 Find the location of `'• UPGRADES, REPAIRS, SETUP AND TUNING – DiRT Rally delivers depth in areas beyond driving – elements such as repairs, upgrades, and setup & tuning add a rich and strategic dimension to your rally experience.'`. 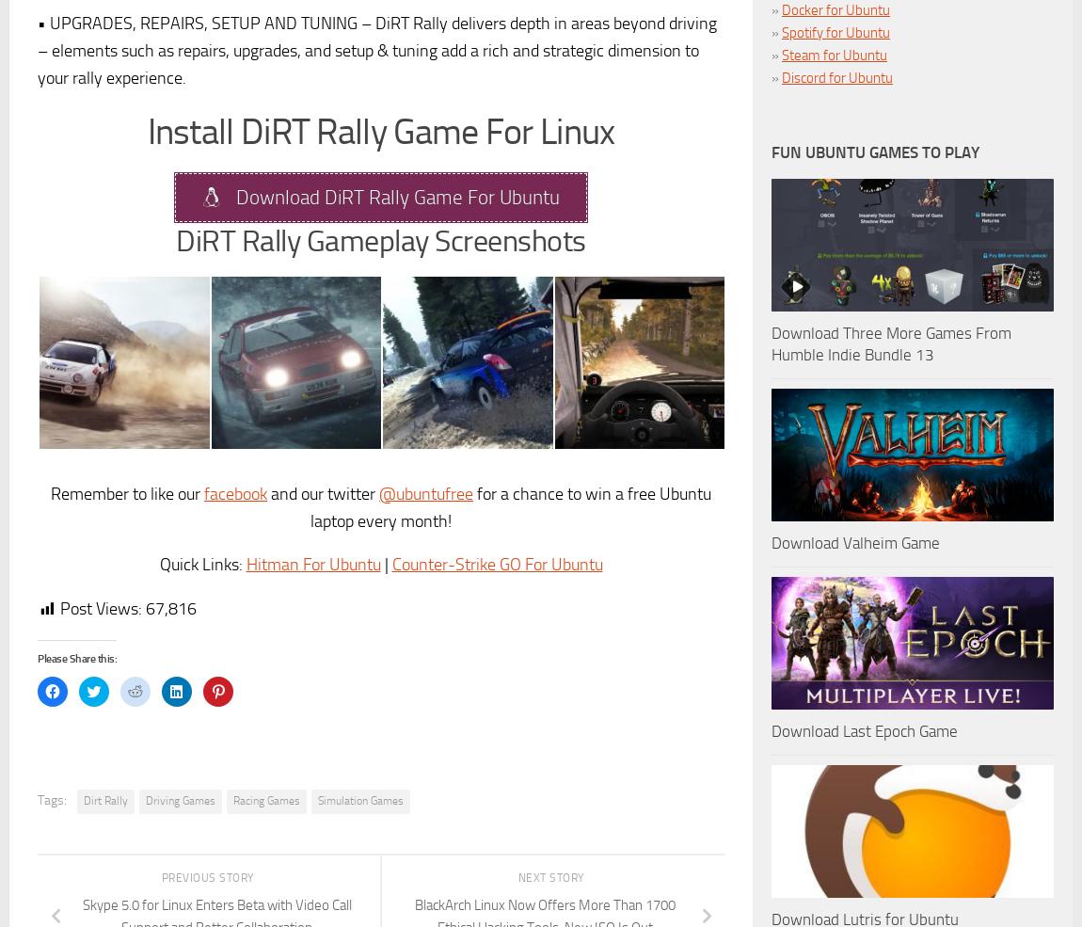

'• UPGRADES, REPAIRS, SETUP AND TUNING – DiRT Rally delivers depth in areas beyond driving – elements such as repairs, upgrades, and setup & tuning add a rich and strategic dimension to your rally experience.' is located at coordinates (377, 49).